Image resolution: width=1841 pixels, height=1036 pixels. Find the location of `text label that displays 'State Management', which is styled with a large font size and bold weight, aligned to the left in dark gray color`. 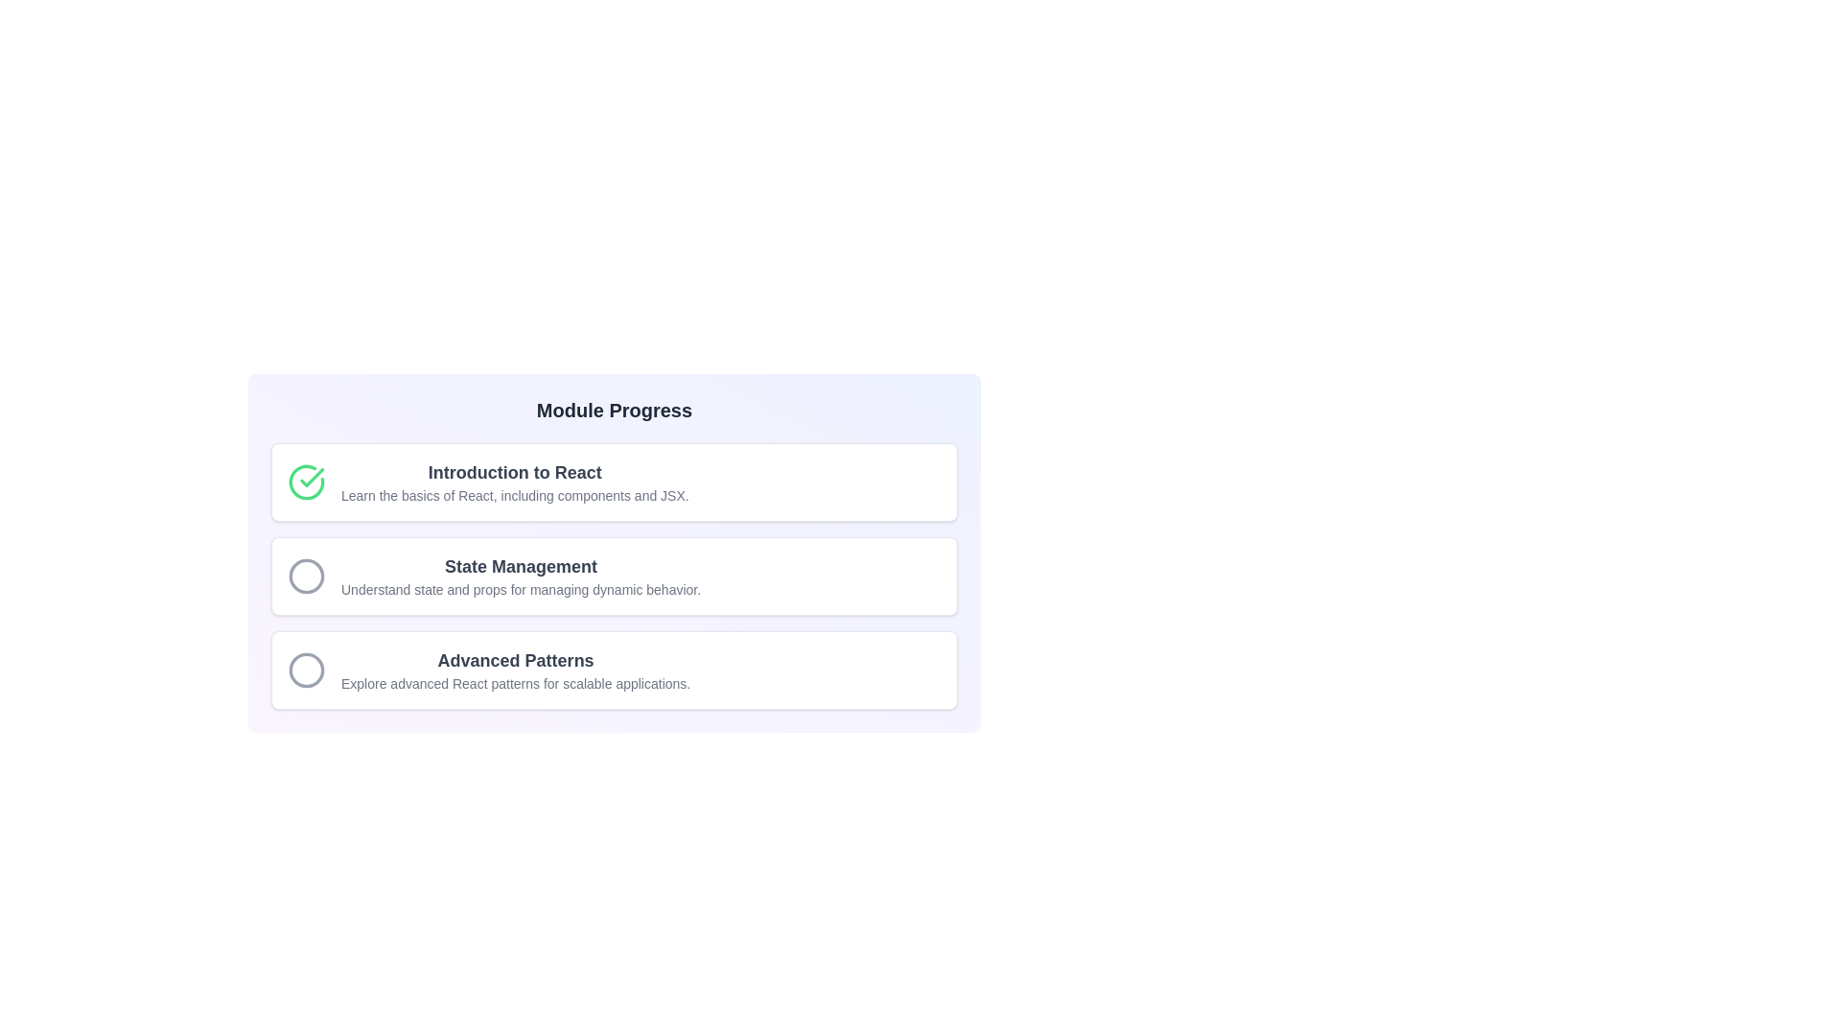

text label that displays 'State Management', which is styled with a large font size and bold weight, aligned to the left in dark gray color is located at coordinates (521, 565).